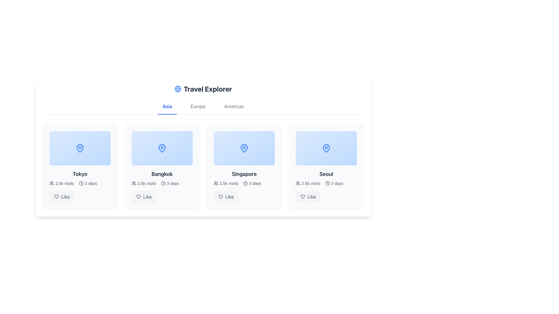 This screenshot has height=314, width=559. What do you see at coordinates (234, 109) in the screenshot?
I see `the interactive text label for the Americas, which is the third item in the horizontal navigation bar` at bounding box center [234, 109].